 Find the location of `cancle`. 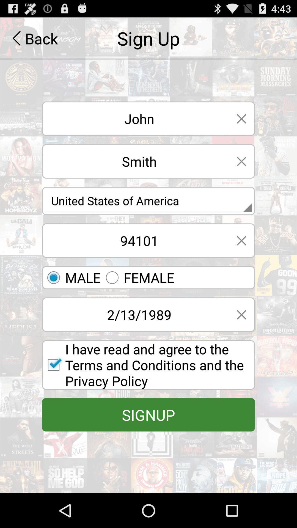

cancle is located at coordinates (241, 118).